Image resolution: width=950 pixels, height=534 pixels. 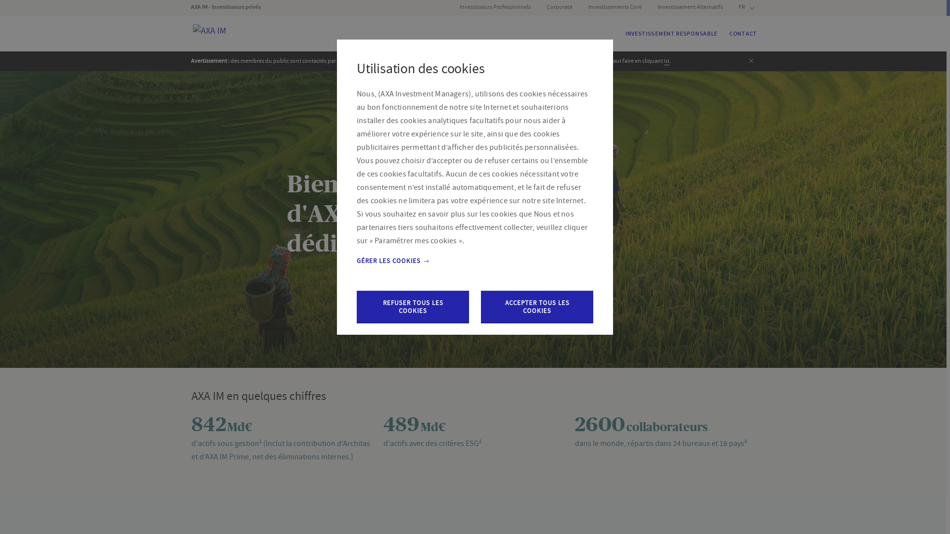 I want to click on 'ACCEPTER TOUS LES COOKIES', so click(x=536, y=307).